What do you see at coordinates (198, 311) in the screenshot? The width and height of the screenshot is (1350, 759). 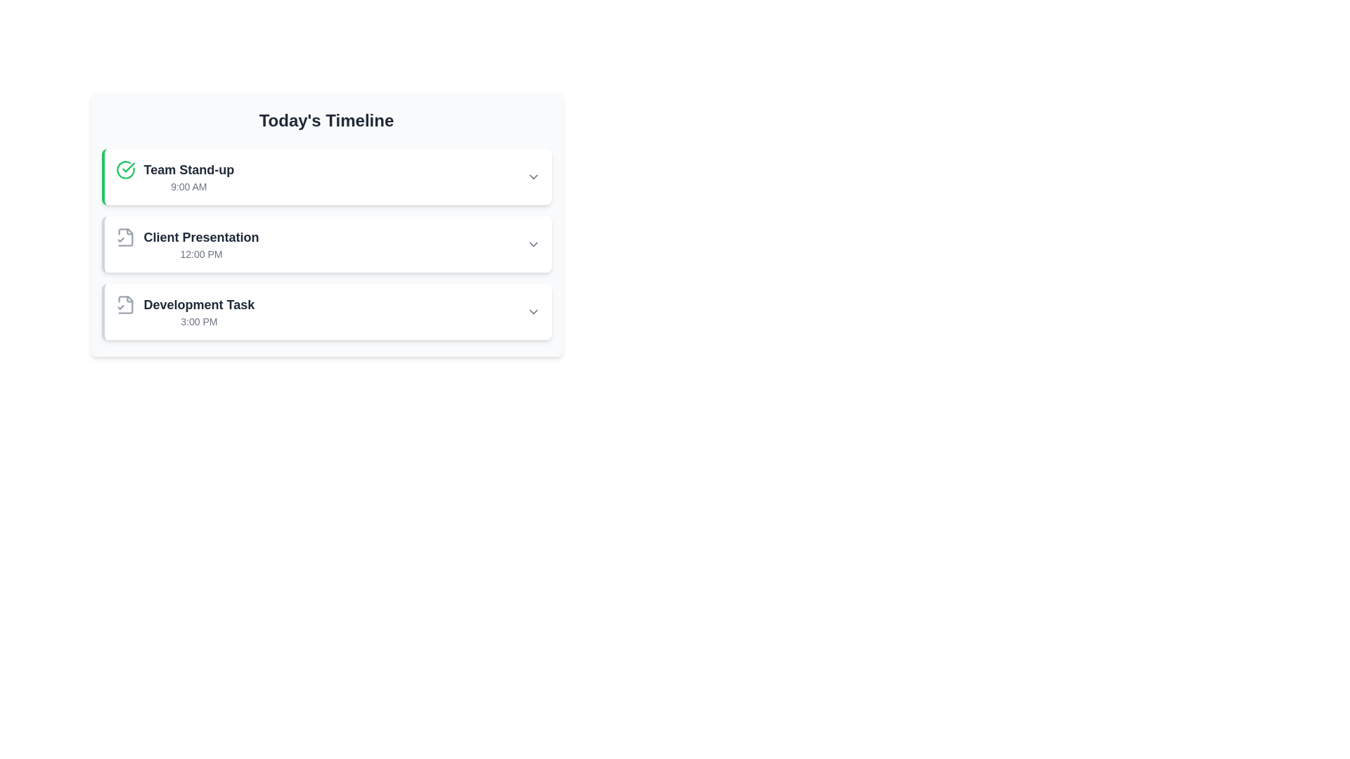 I see `the text label displaying 'Development Task', which is located in the third item of the vertical list under 'Today's Timeline', below the 'Client Presentation' entry` at bounding box center [198, 311].